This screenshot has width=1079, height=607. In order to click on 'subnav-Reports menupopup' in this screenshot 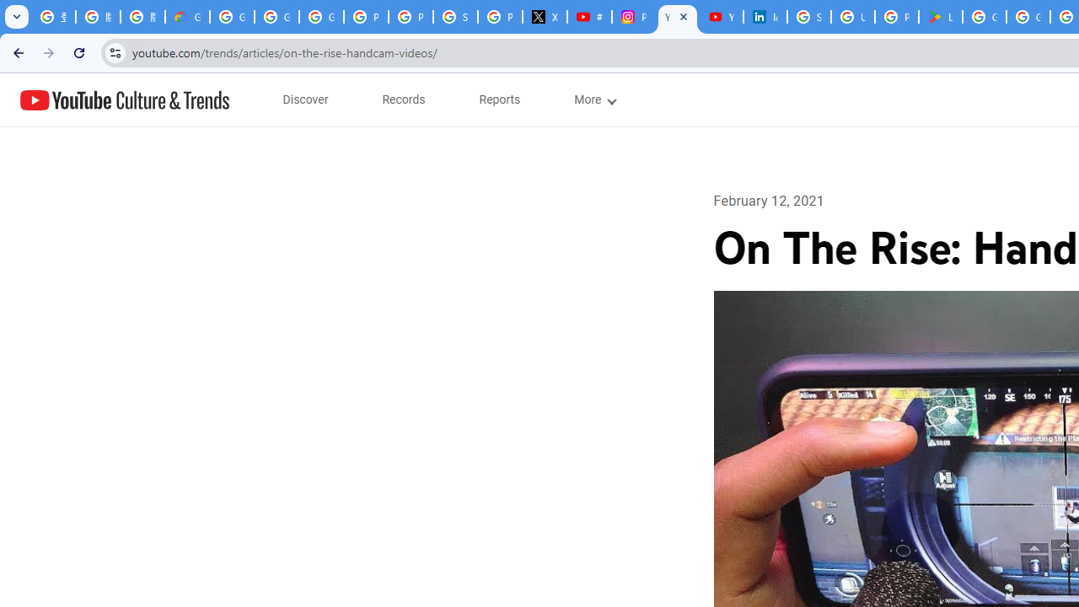, I will do `click(499, 99)`.